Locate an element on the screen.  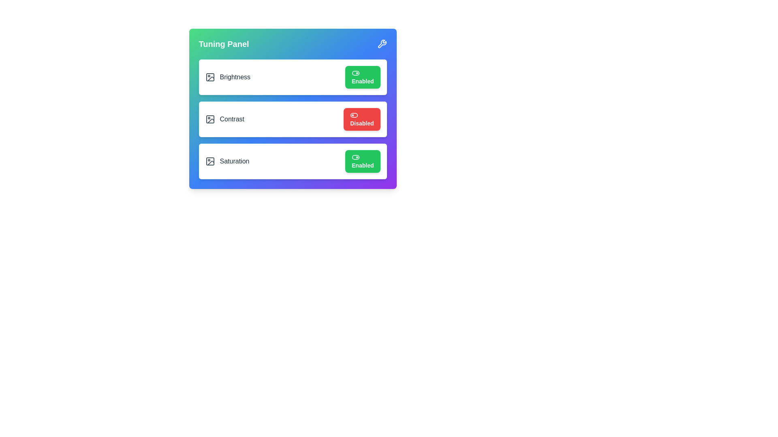
the 'Brightness' toggle to observe the hover animation is located at coordinates (362, 77).